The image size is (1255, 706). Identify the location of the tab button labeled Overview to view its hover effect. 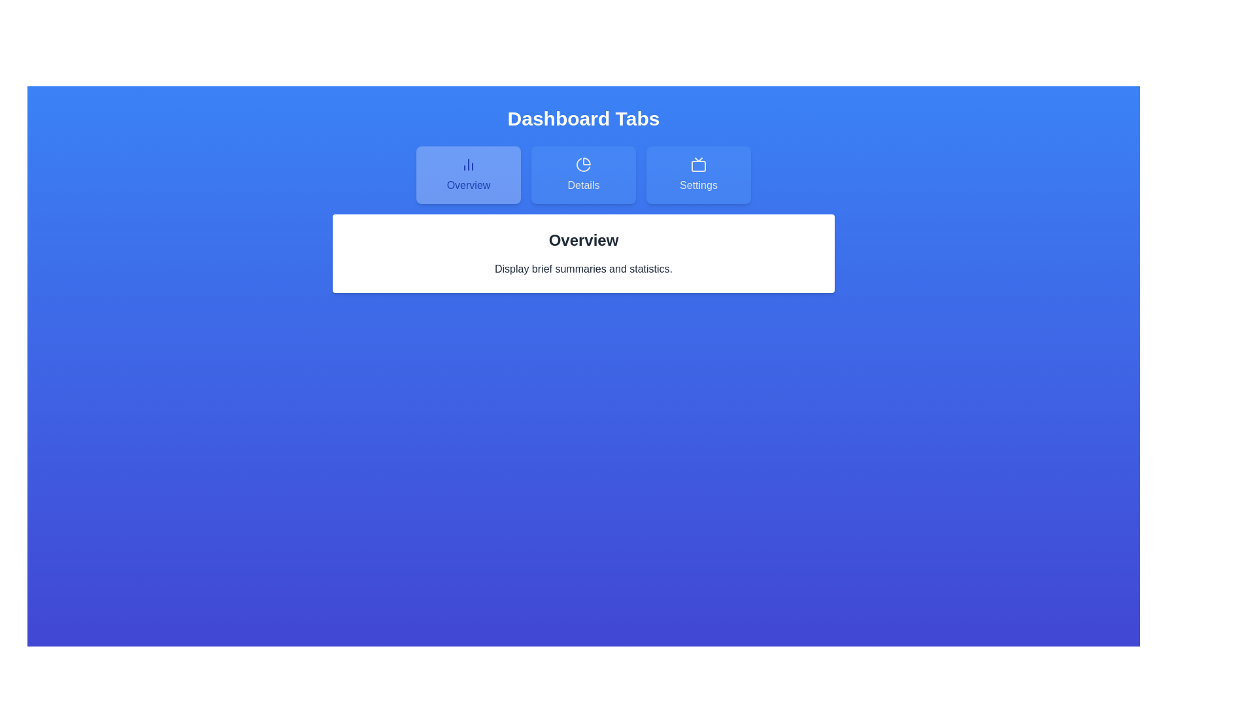
(468, 174).